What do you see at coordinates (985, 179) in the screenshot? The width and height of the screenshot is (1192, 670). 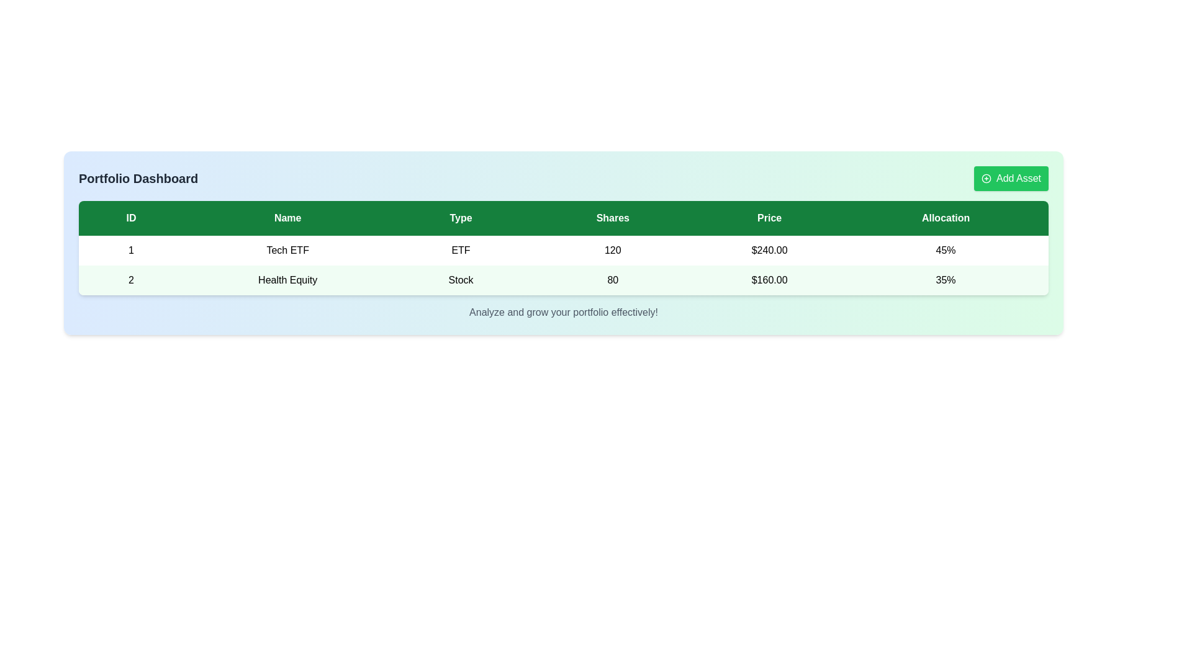 I see `the small circular icon with a plus sign in the center, styled with a green stroke, located to the left of the 'Add Asset' text on the green button` at bounding box center [985, 179].